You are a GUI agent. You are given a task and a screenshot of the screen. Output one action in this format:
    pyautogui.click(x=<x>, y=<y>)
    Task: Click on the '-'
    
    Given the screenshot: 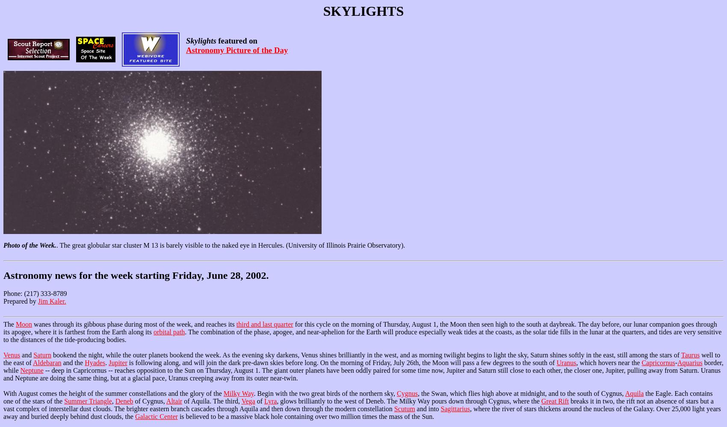 What is the action you would take?
    pyautogui.click(x=676, y=362)
    